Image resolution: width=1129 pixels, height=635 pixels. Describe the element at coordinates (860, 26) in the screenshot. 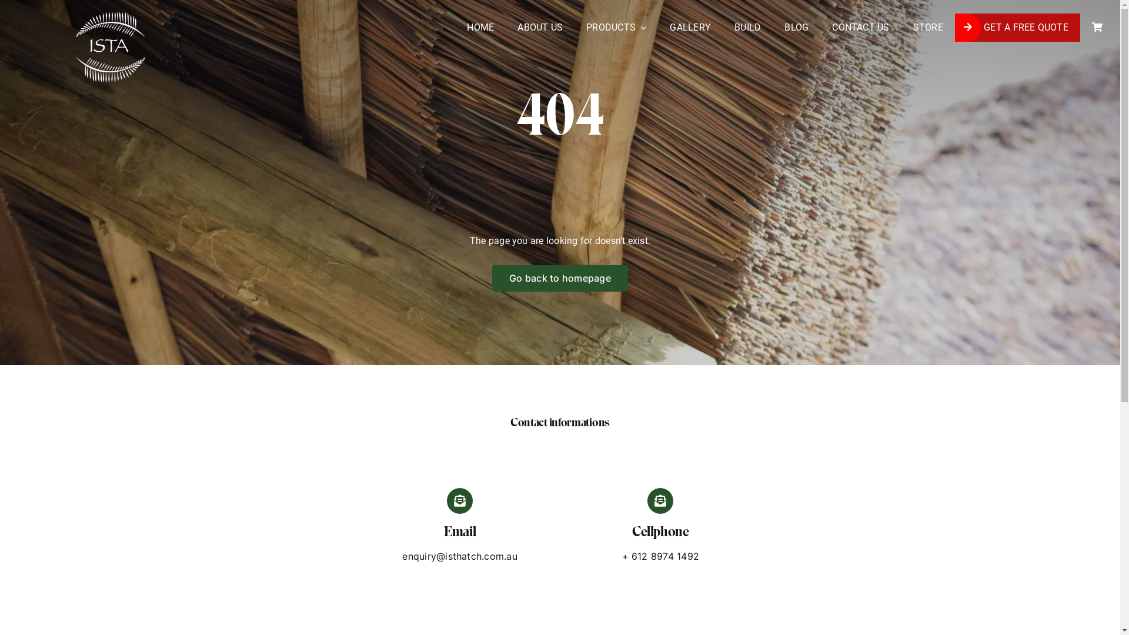

I see `'CONTACT US'` at that location.